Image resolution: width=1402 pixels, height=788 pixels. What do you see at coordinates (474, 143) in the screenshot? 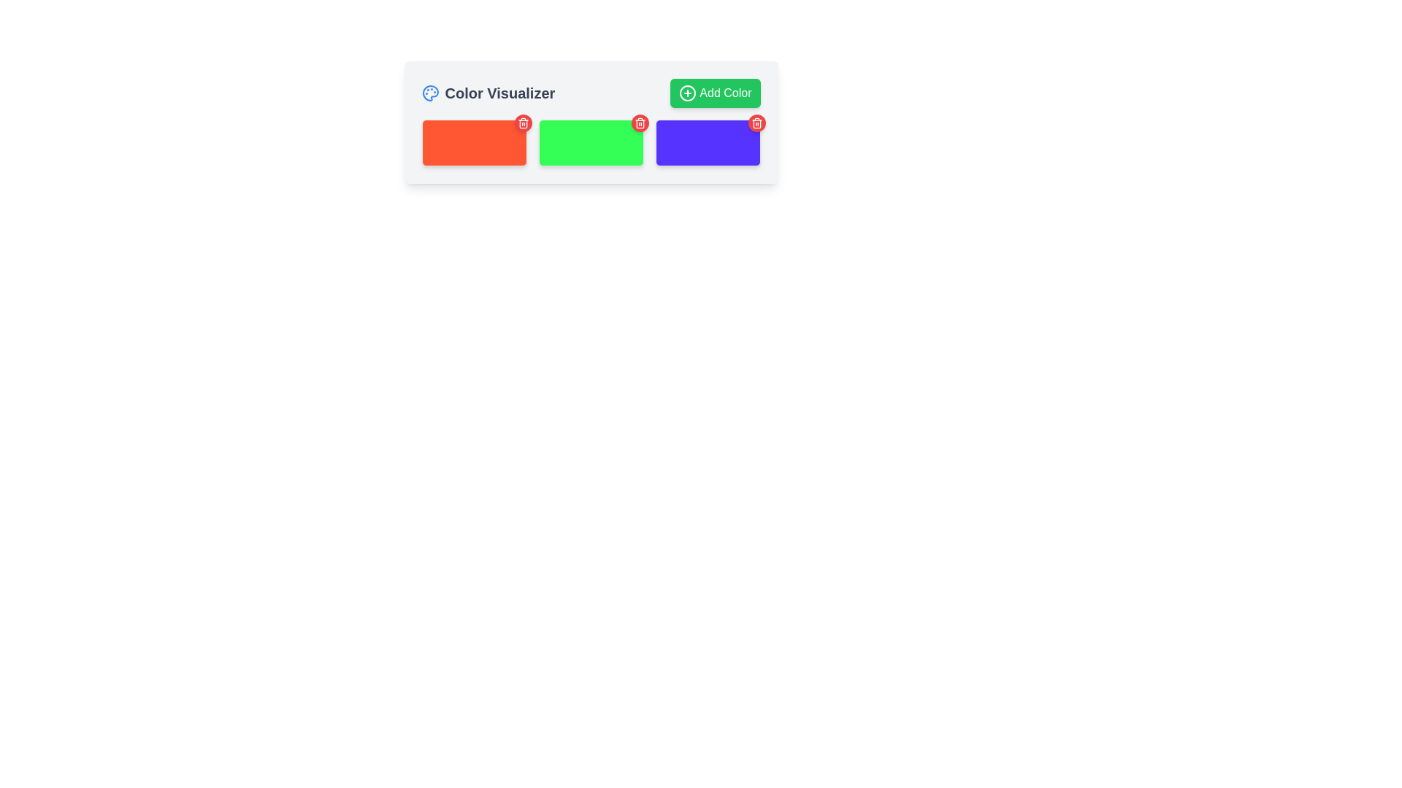
I see `the red button with rounded corners located in the first column of the grid layout beneath the 'Color Visualizer' label` at bounding box center [474, 143].